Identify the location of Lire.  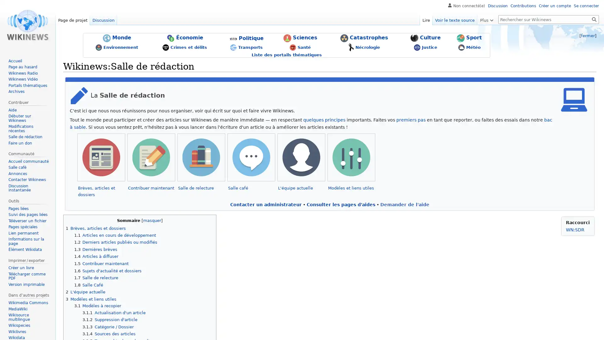
(594, 19).